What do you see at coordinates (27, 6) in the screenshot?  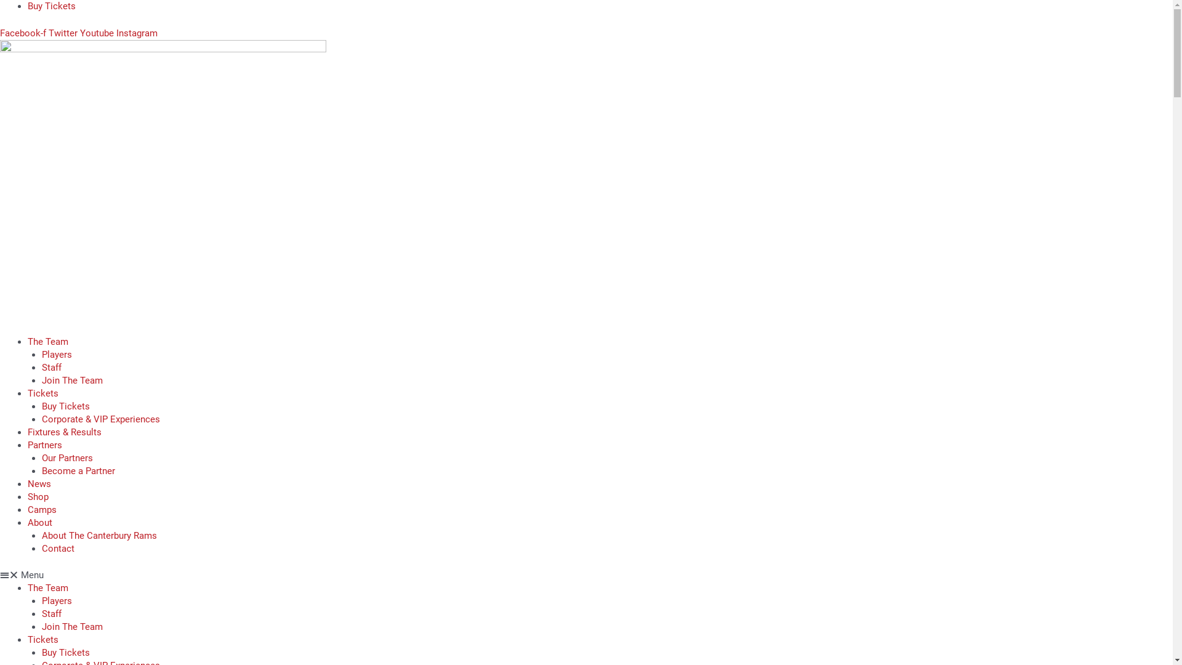 I see `'Buy Tickets'` at bounding box center [27, 6].